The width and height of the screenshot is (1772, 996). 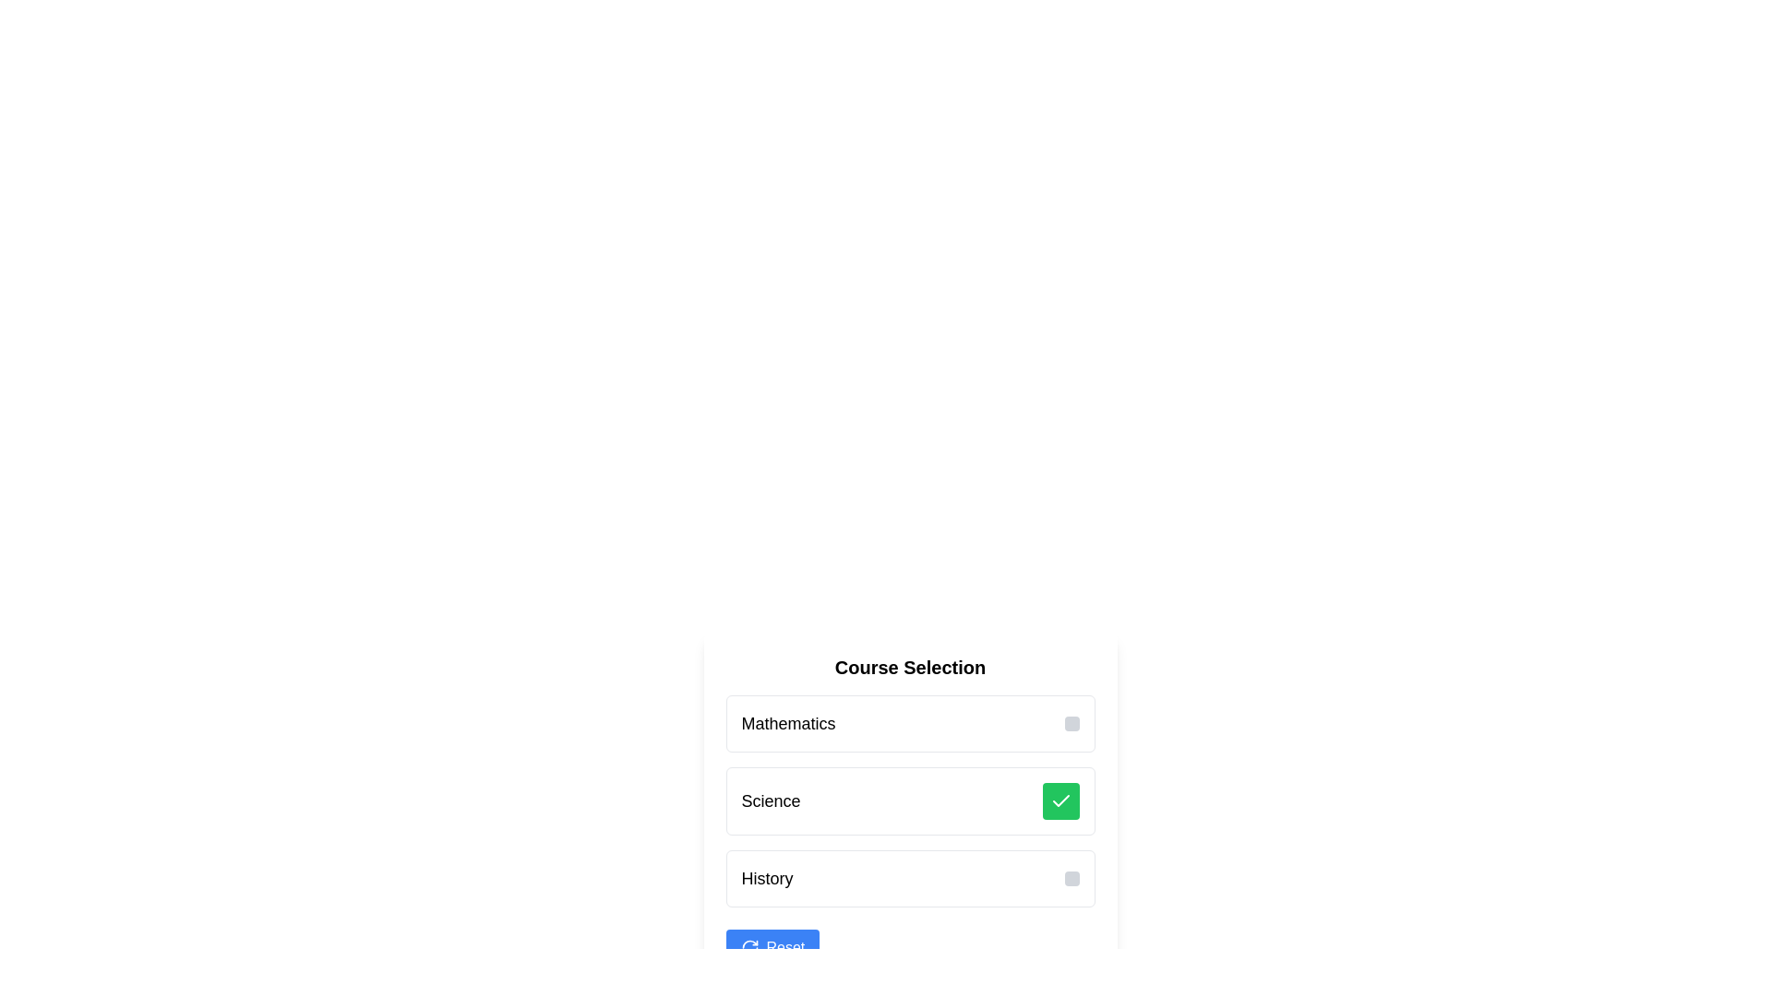 What do you see at coordinates (1072, 877) in the screenshot?
I see `the small, square-shaped gray button with rounded corners located at the right end of the 'History' list item` at bounding box center [1072, 877].